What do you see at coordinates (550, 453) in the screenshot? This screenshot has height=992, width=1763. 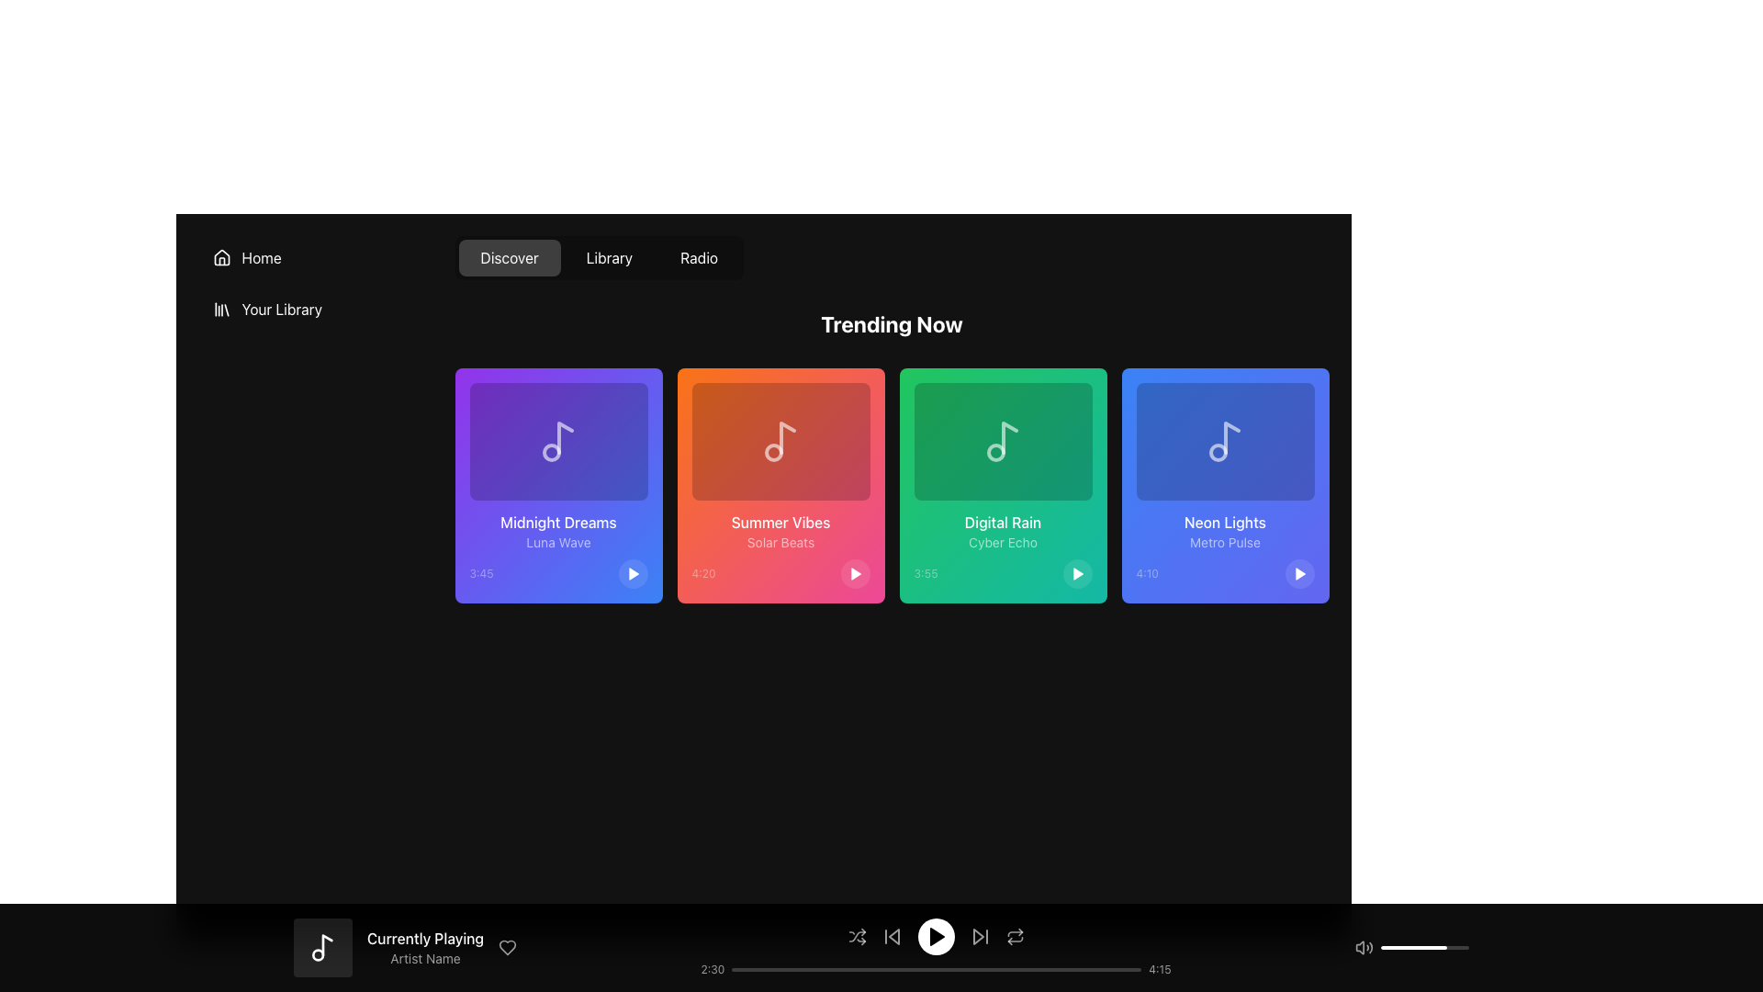 I see `the circular shape with a radius of 4 units, which is part of the musical note icon located above the text 'Midnight Dreams' in the first tile of the 'Trending Now' section` at bounding box center [550, 453].